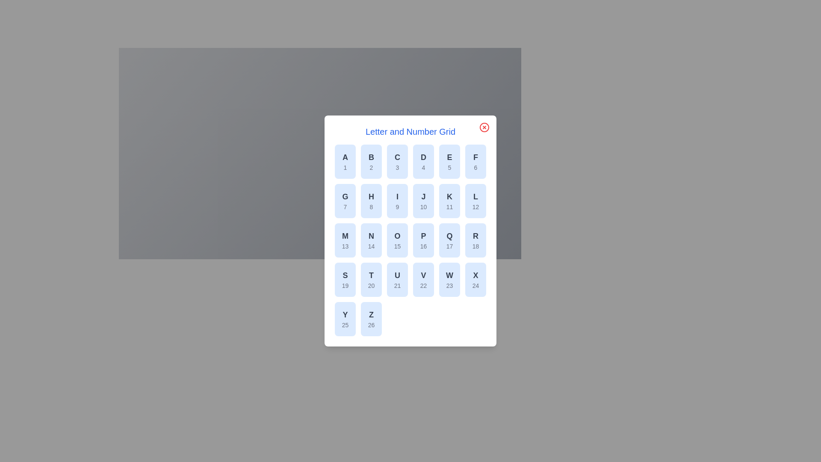 The image size is (821, 462). What do you see at coordinates (449, 162) in the screenshot?
I see `the grid item corresponding to letter E` at bounding box center [449, 162].